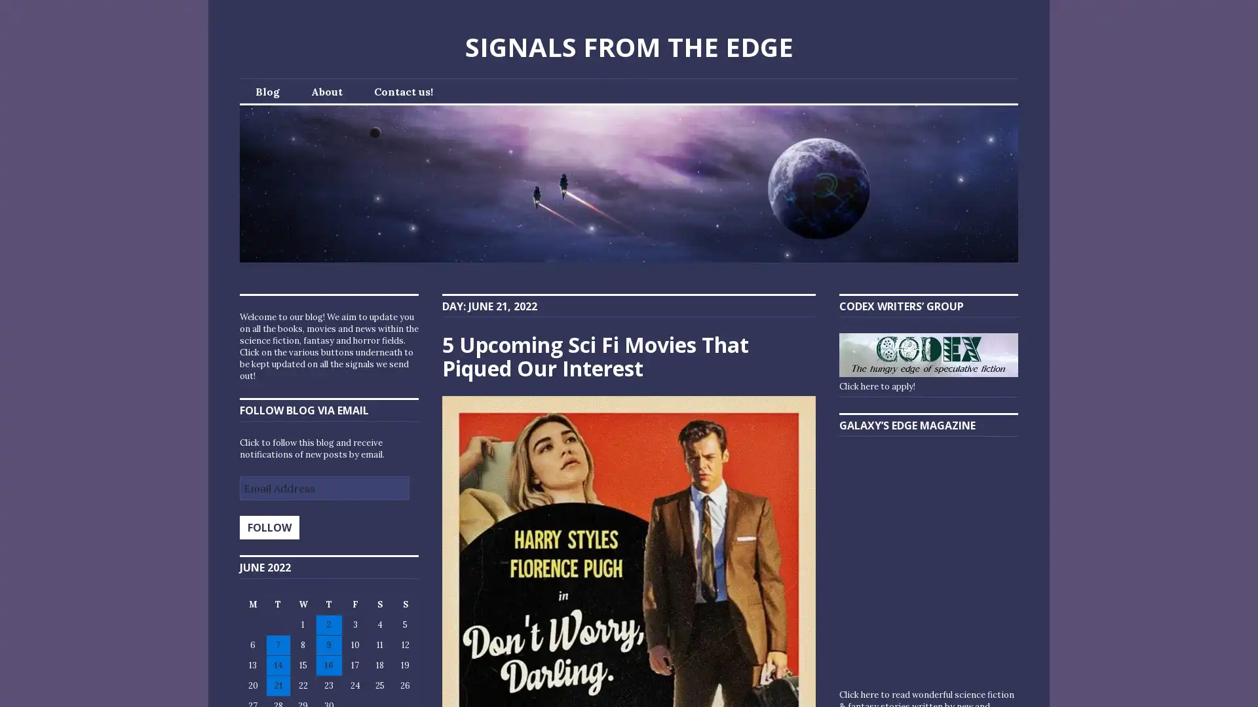 This screenshot has height=707, width=1258. I want to click on FOLLOW, so click(269, 527).